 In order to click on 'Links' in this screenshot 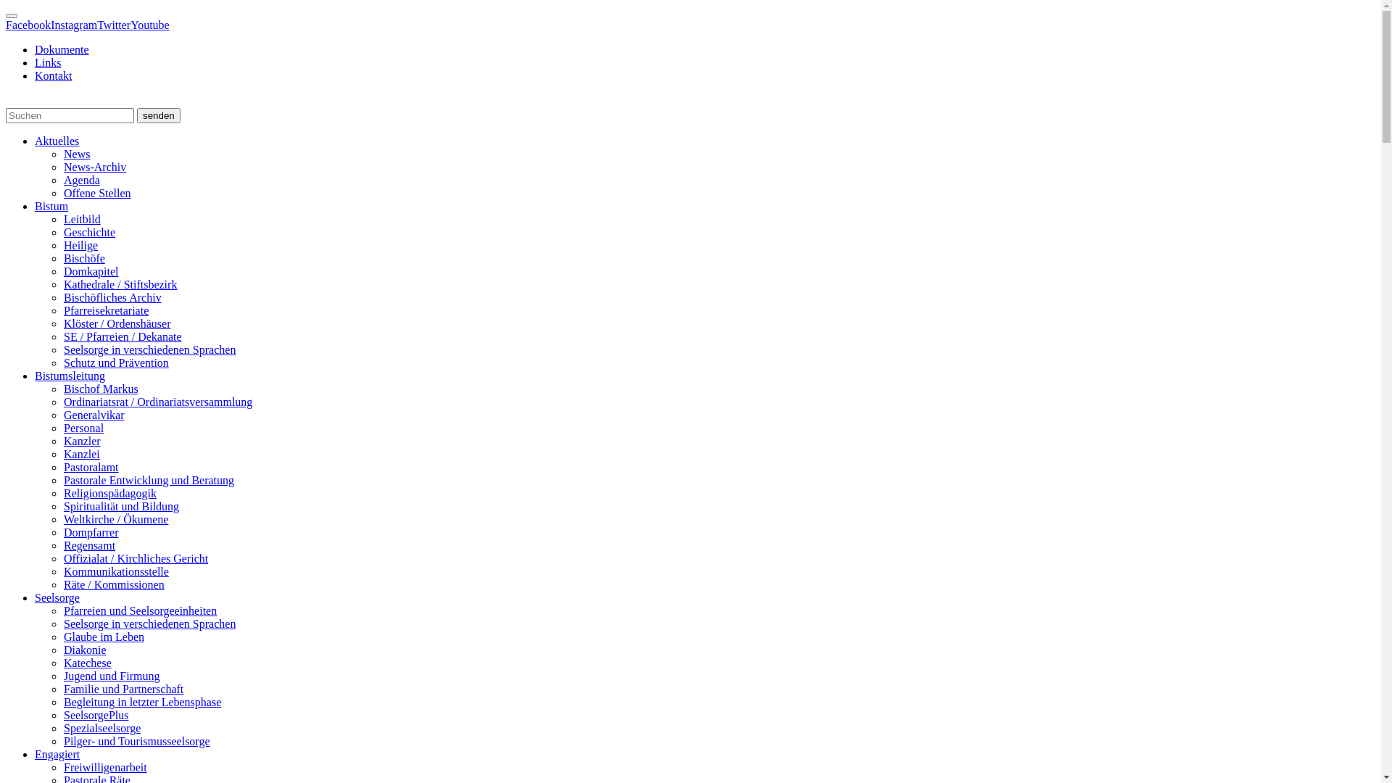, I will do `click(35, 62)`.